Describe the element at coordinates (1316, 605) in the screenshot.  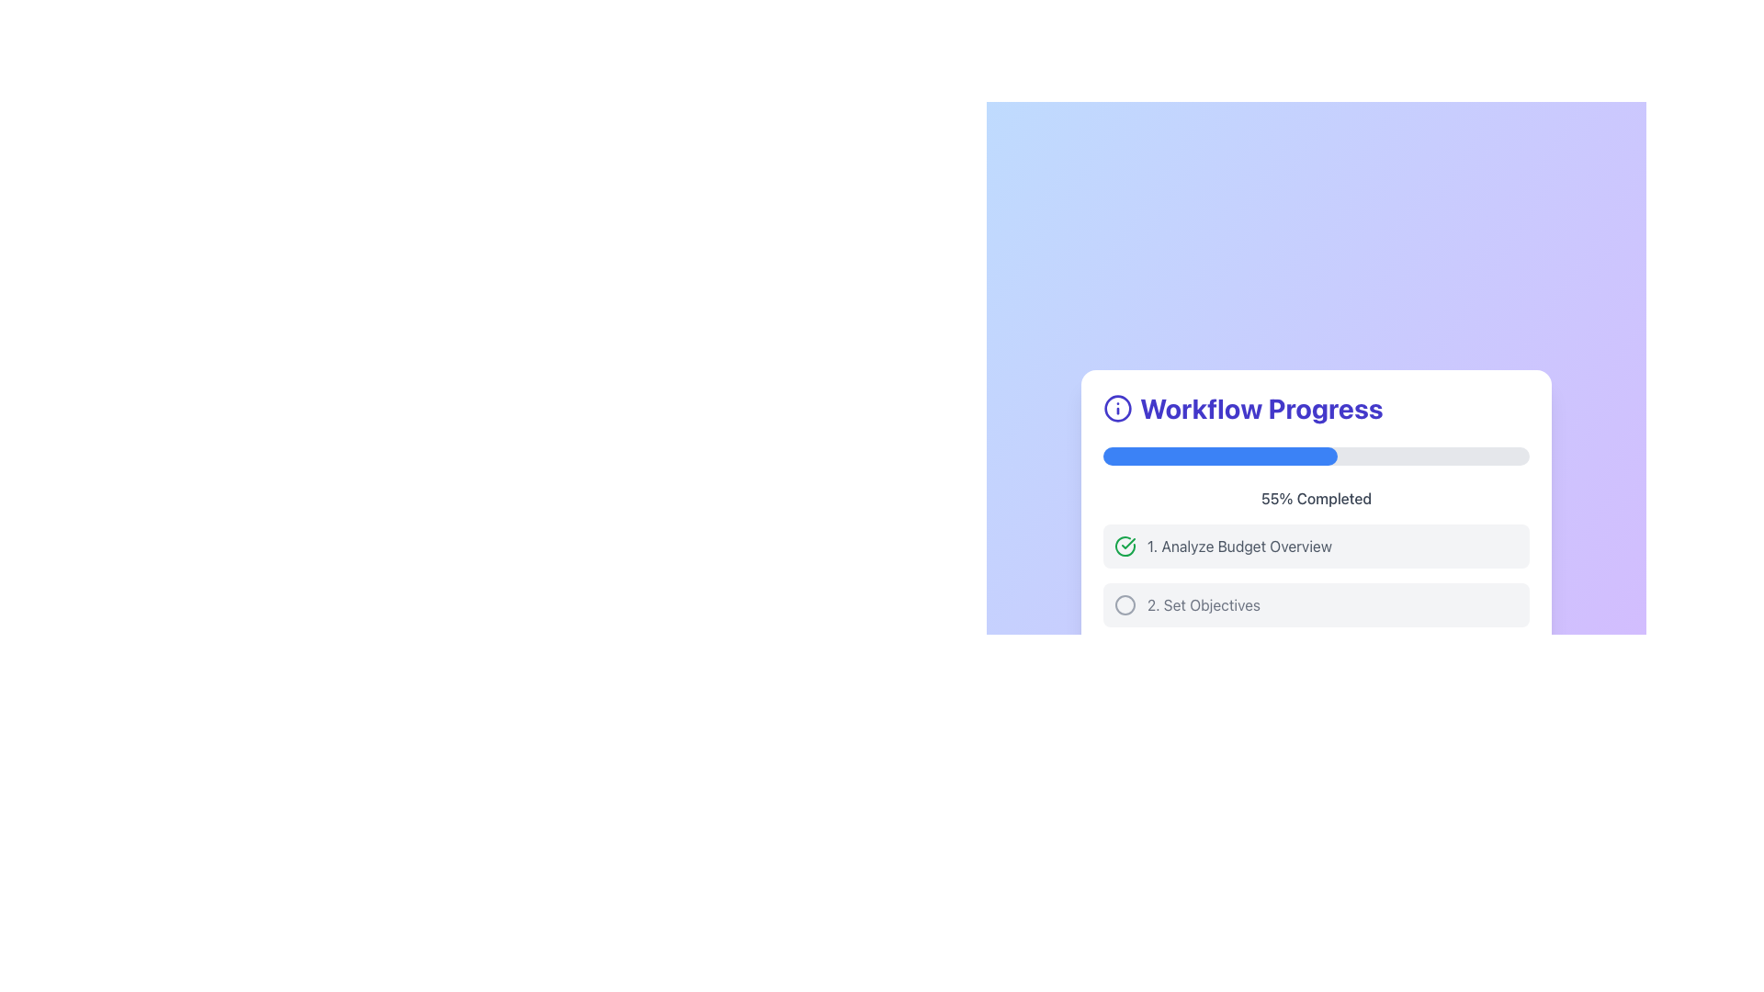
I see `the list item element titled 'Set Objectives', which is the second entry in the vertical sequence of steps within the workflow progress list` at that location.